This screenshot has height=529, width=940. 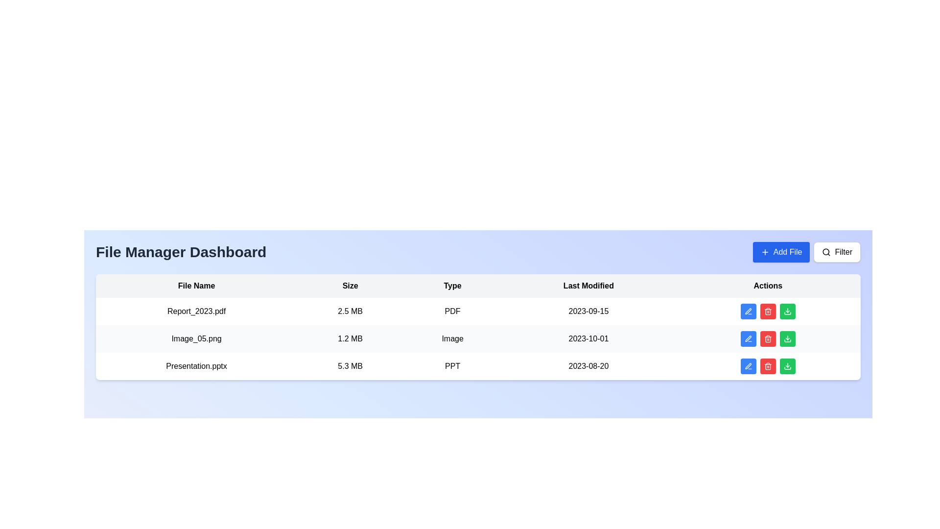 What do you see at coordinates (588, 286) in the screenshot?
I see `the 'Last Modified' header label in the data table, which is positioned in the fourth column of the header row, between the 'Type' and 'Actions' columns` at bounding box center [588, 286].